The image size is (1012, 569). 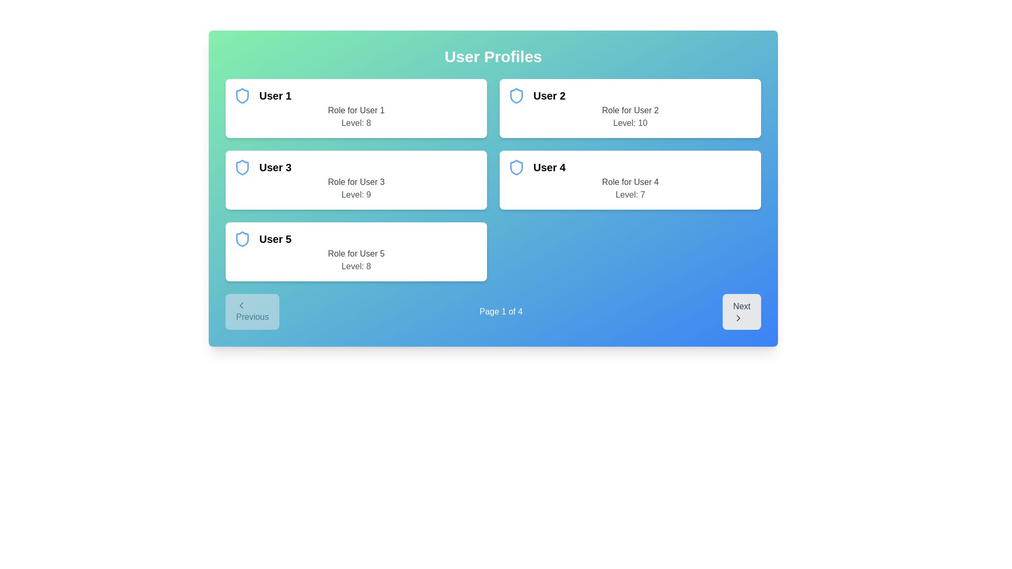 I want to click on the blue shield icon representing protection or security located at the top-left corner of the user profile area for 'User 3', so click(x=242, y=166).